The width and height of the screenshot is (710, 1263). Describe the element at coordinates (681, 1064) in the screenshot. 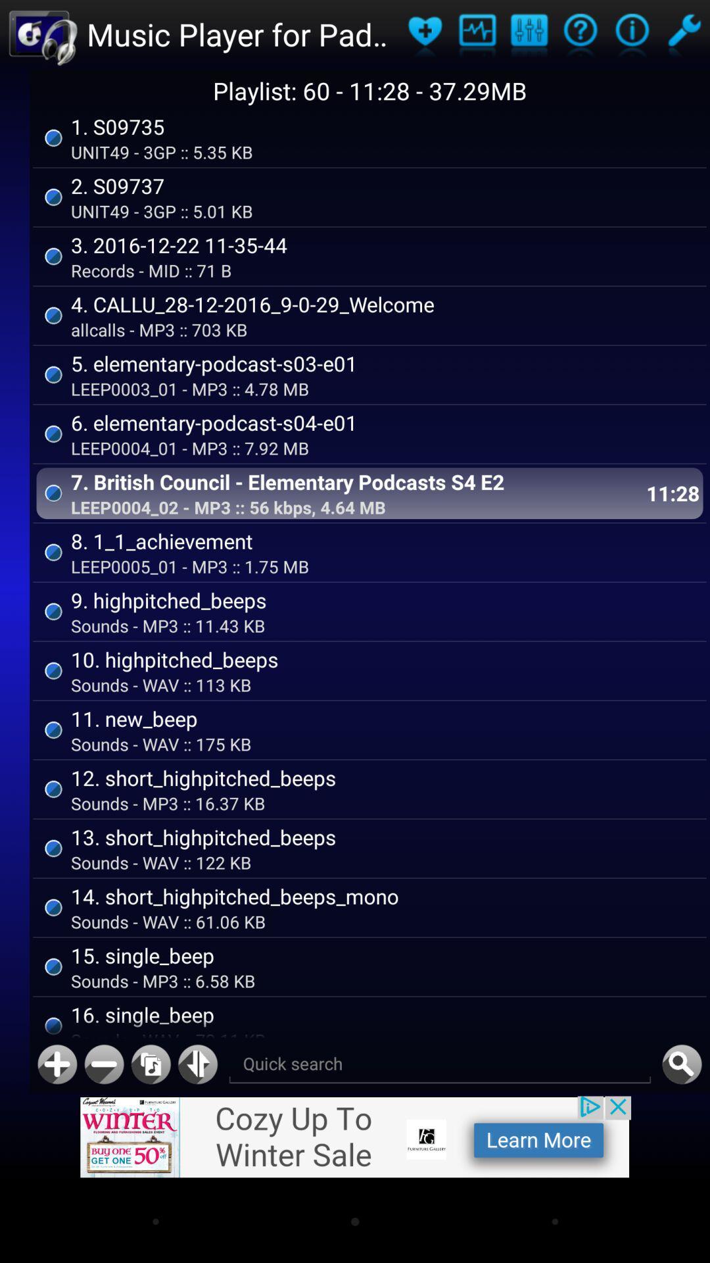

I see `to search` at that location.